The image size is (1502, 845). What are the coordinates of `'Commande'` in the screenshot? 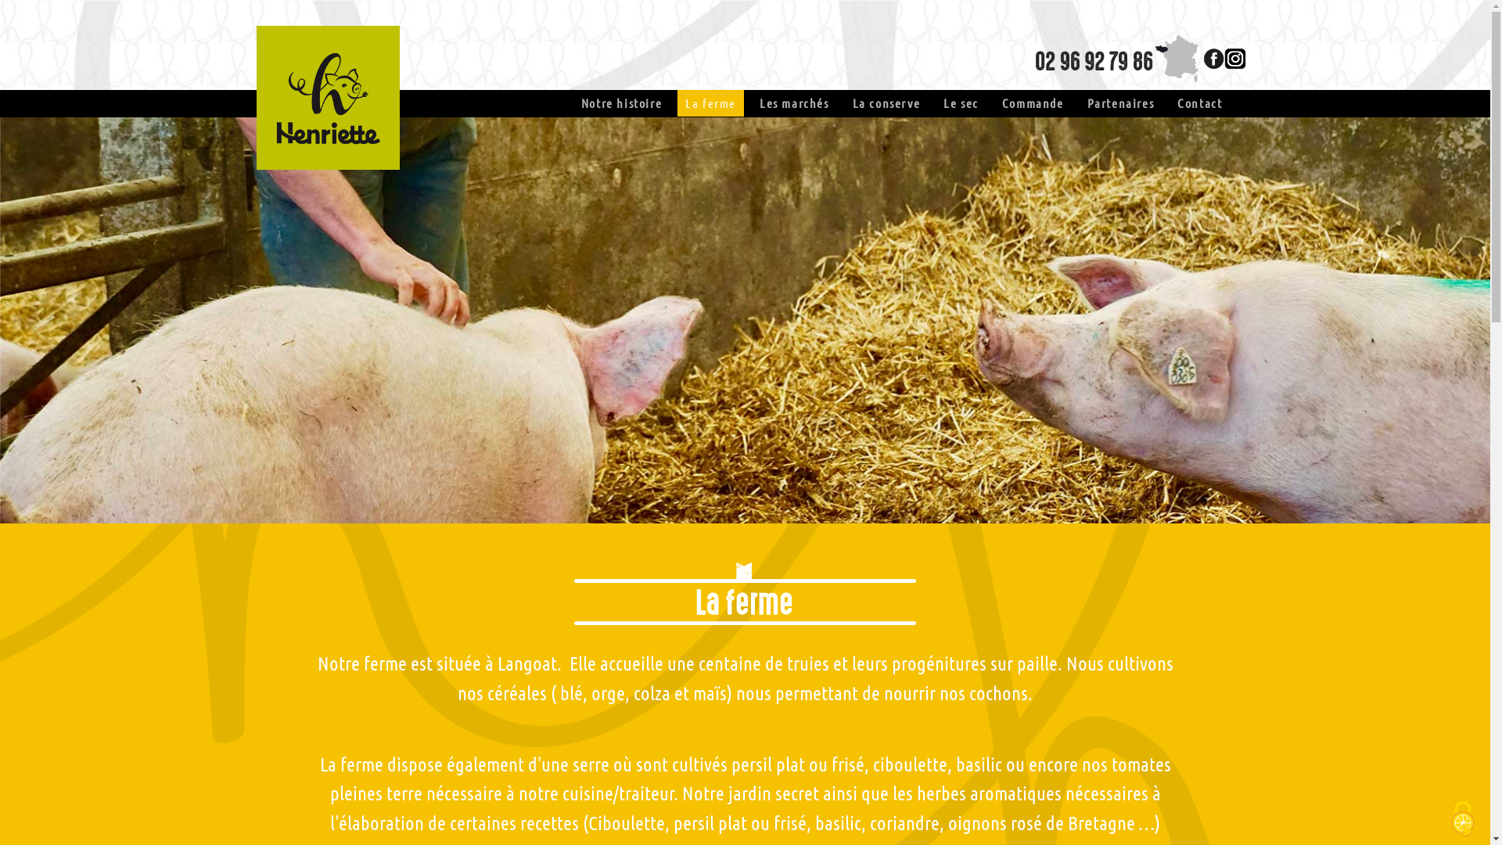 It's located at (1033, 102).